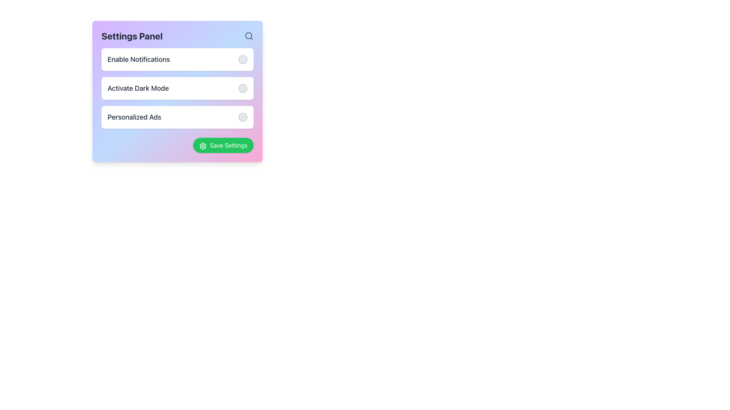 The image size is (730, 410). Describe the element at coordinates (132, 36) in the screenshot. I see `the title Text Element located at the top-left of the card-like structure` at that location.